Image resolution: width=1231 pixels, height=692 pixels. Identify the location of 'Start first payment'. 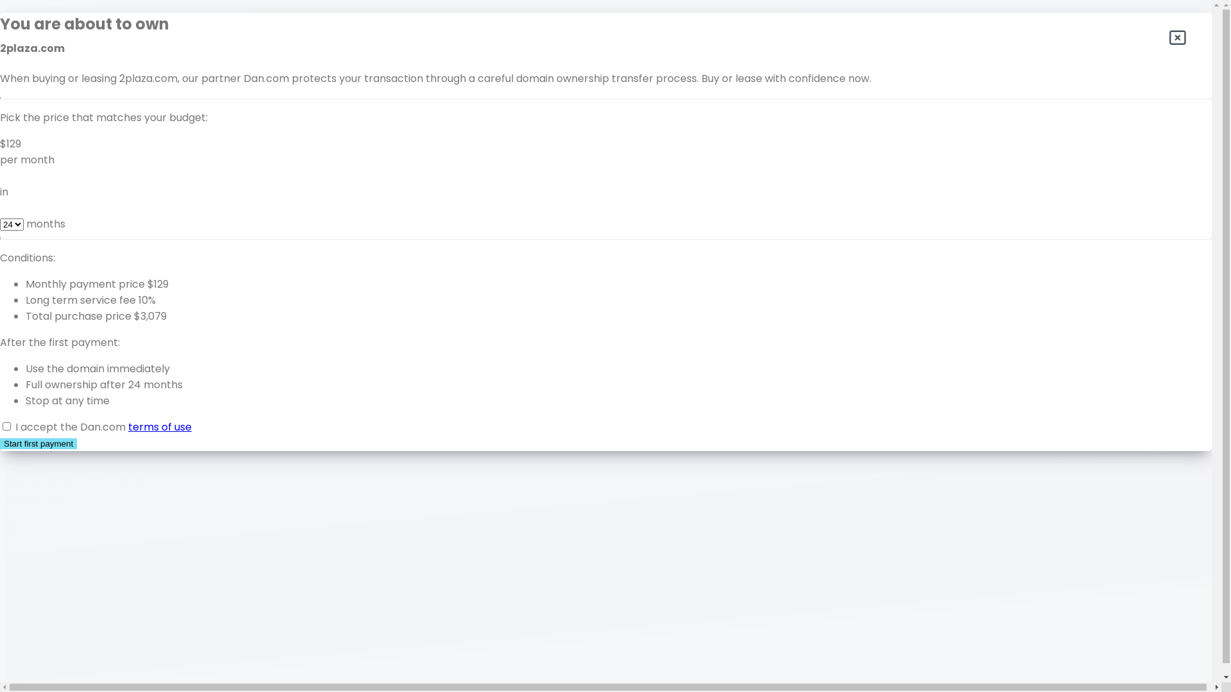
(0, 443).